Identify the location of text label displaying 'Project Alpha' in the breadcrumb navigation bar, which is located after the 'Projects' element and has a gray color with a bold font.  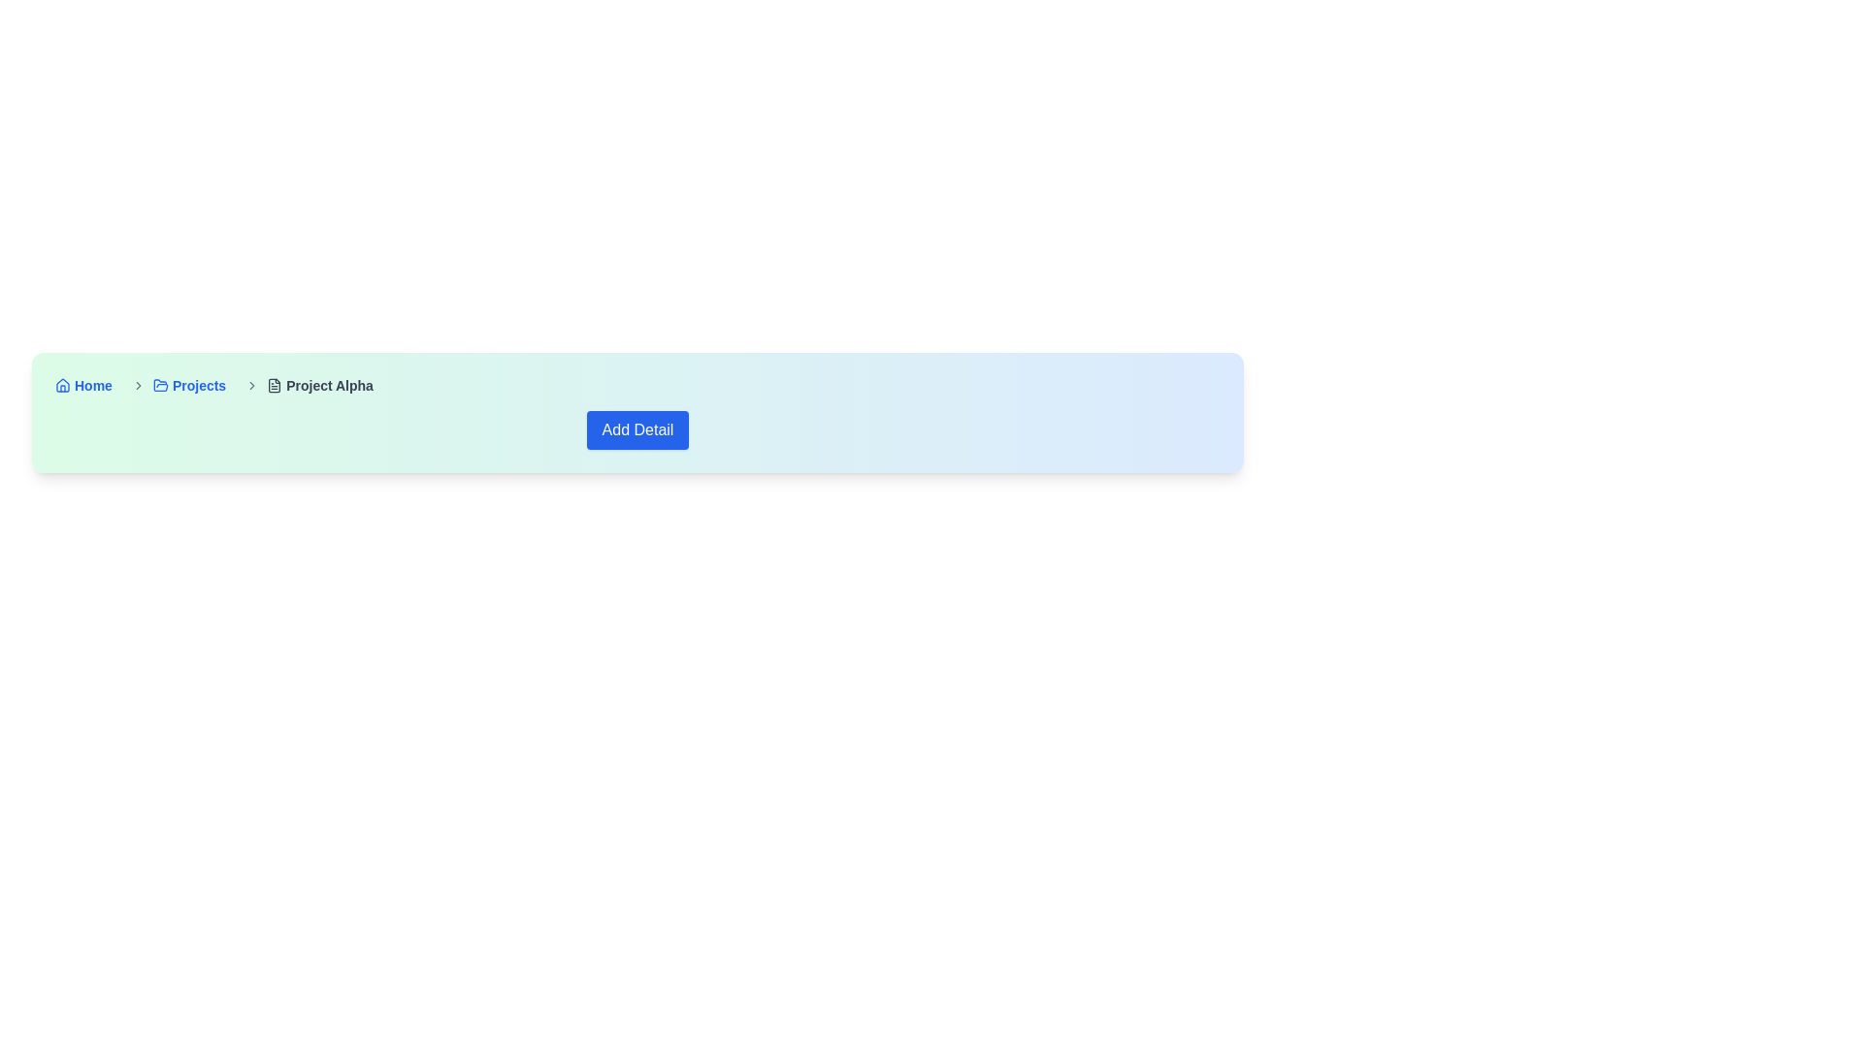
(320, 385).